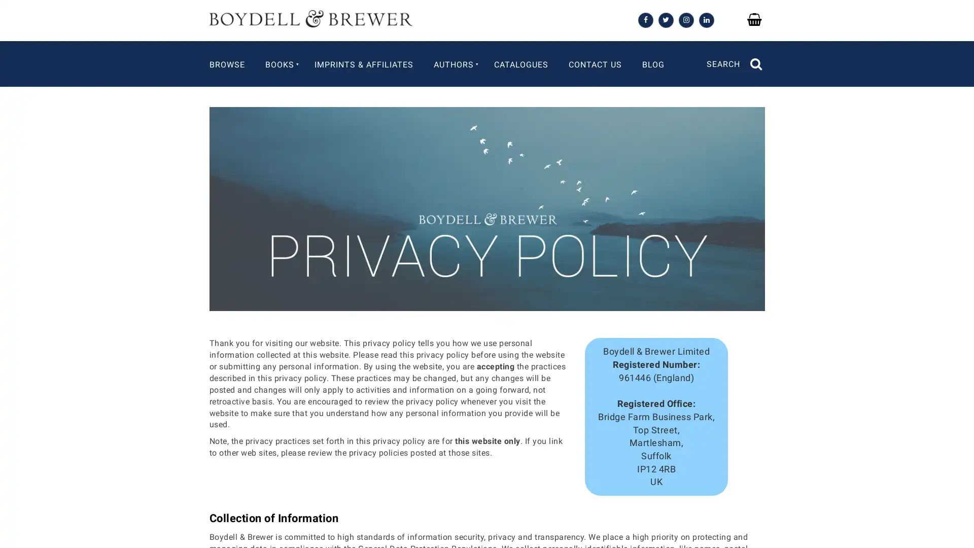 The height and width of the screenshot is (548, 974). What do you see at coordinates (735, 56) in the screenshot?
I see `SEARCH` at bounding box center [735, 56].